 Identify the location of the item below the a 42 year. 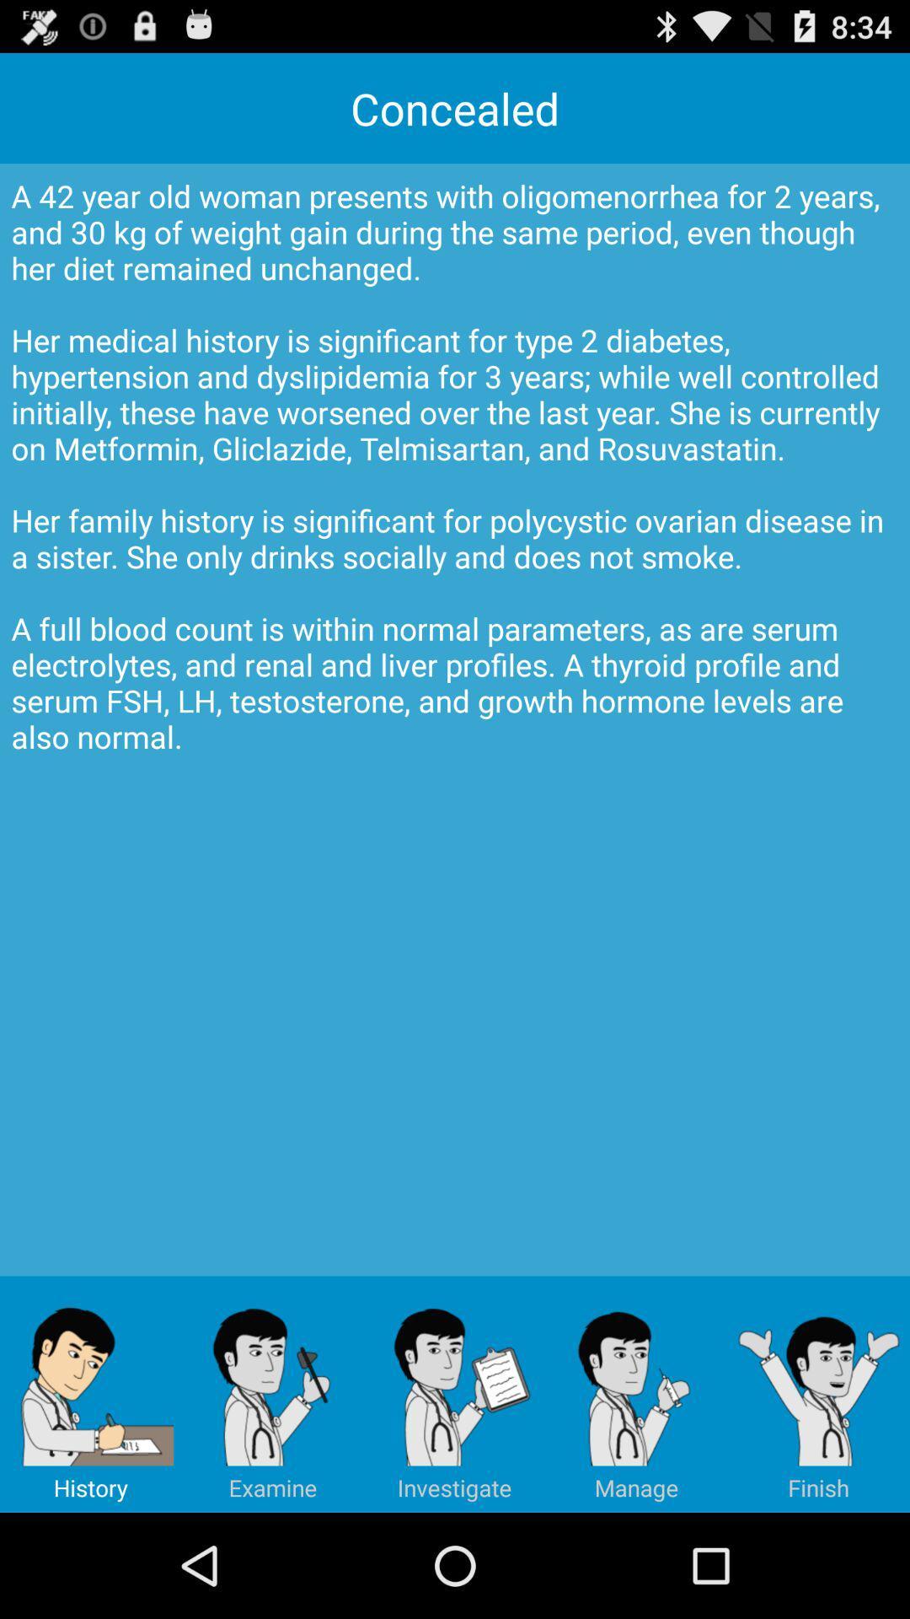
(818, 1394).